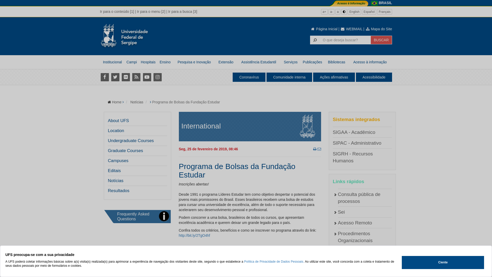  Describe the element at coordinates (157, 62) in the screenshot. I see `'Ensino'` at that location.